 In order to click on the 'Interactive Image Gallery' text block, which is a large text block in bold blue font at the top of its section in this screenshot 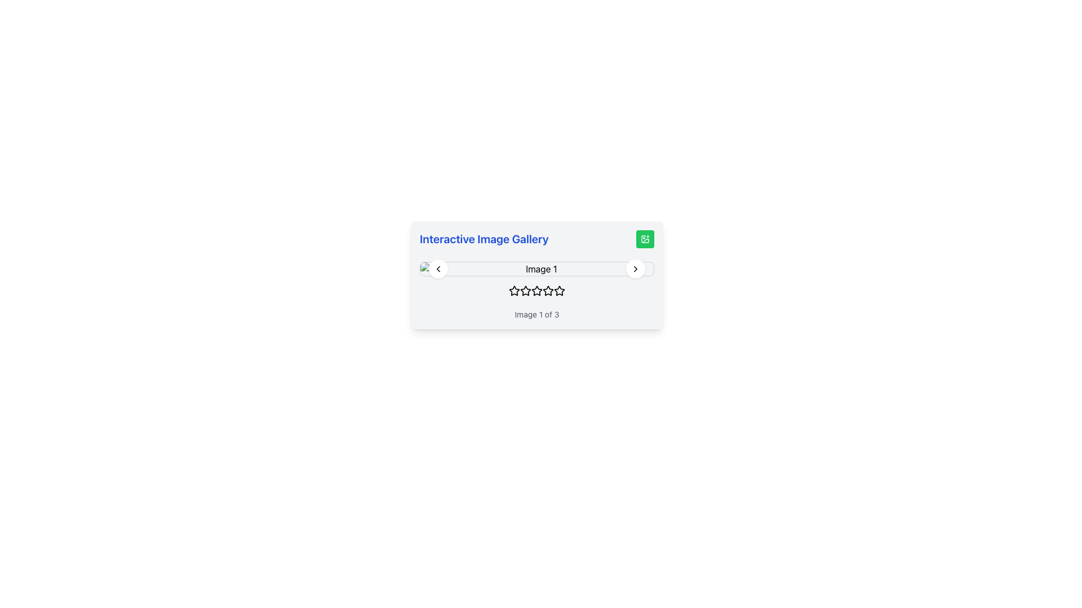, I will do `click(536, 238)`.